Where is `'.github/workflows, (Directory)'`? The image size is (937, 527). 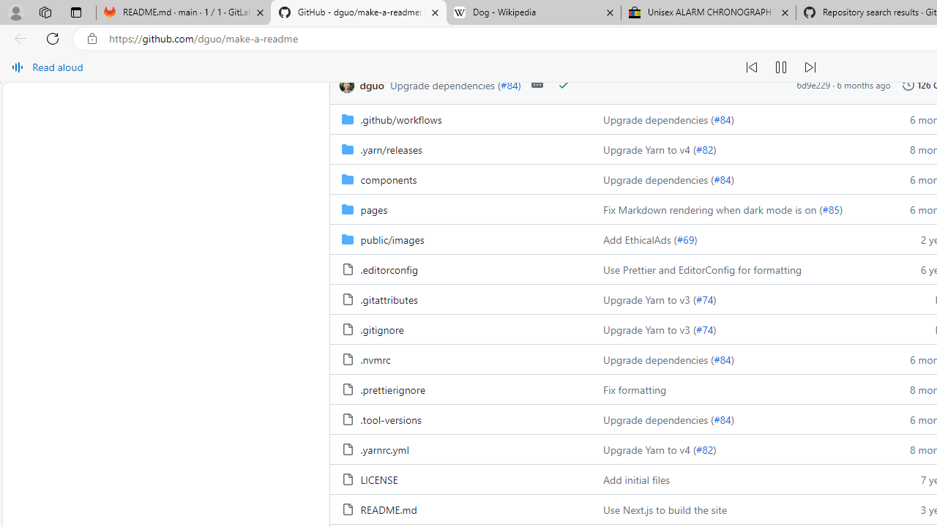
'.github/workflows, (Directory)' is located at coordinates (460, 118).